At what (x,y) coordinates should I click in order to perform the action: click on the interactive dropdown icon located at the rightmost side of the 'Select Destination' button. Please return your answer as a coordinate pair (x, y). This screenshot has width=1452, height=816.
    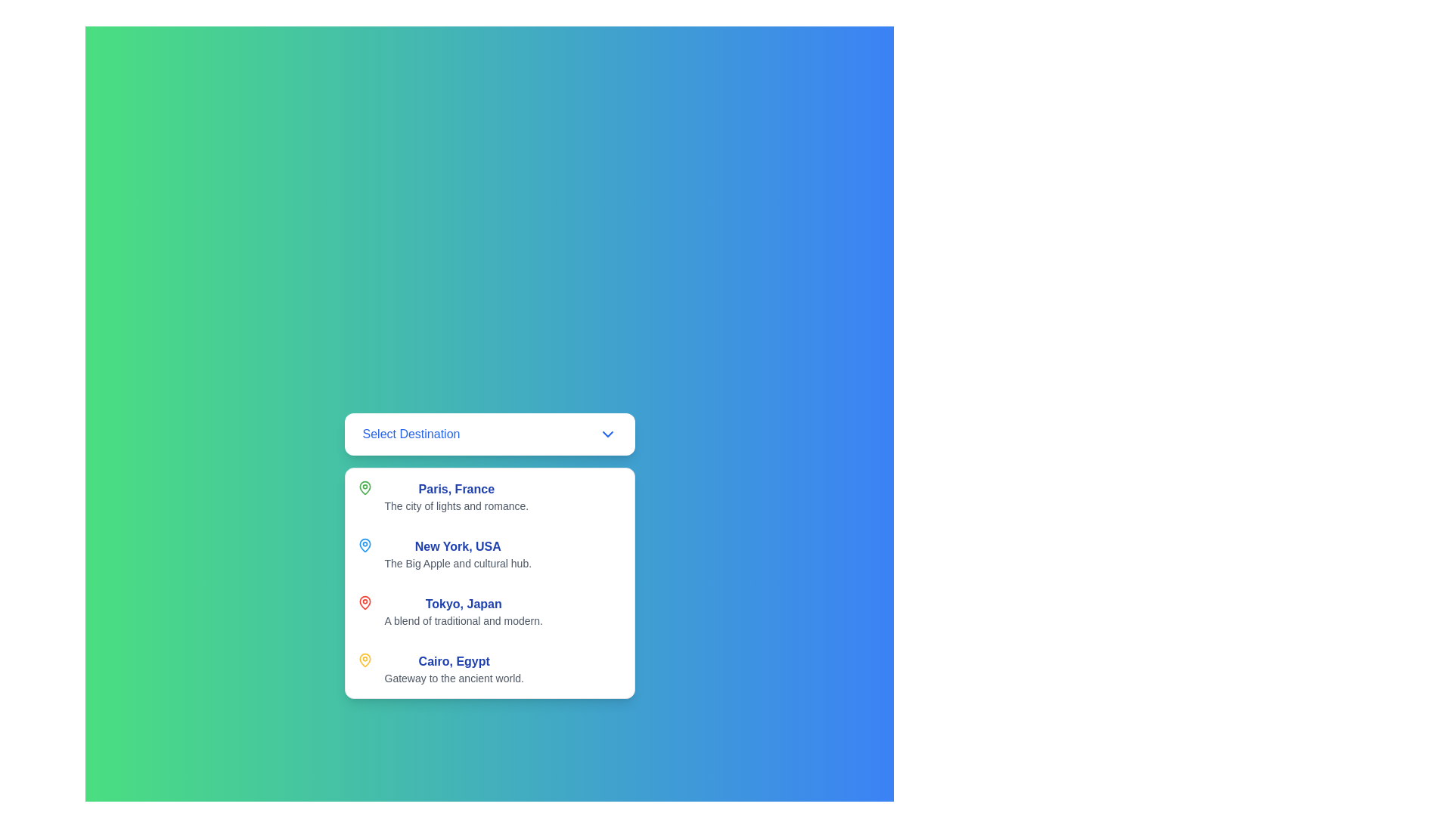
    Looking at the image, I should click on (607, 434).